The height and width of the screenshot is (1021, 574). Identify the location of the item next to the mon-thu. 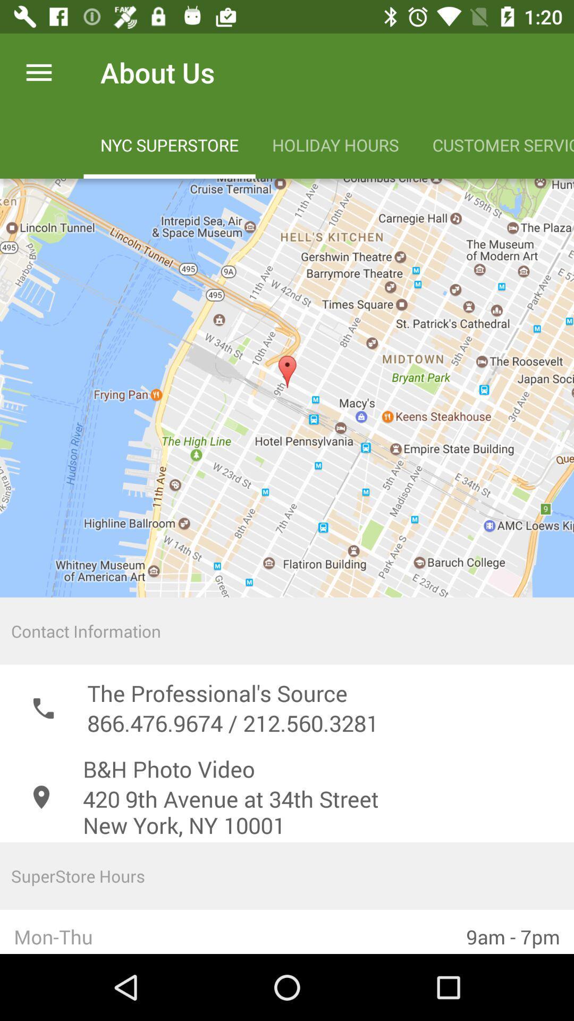
(512, 931).